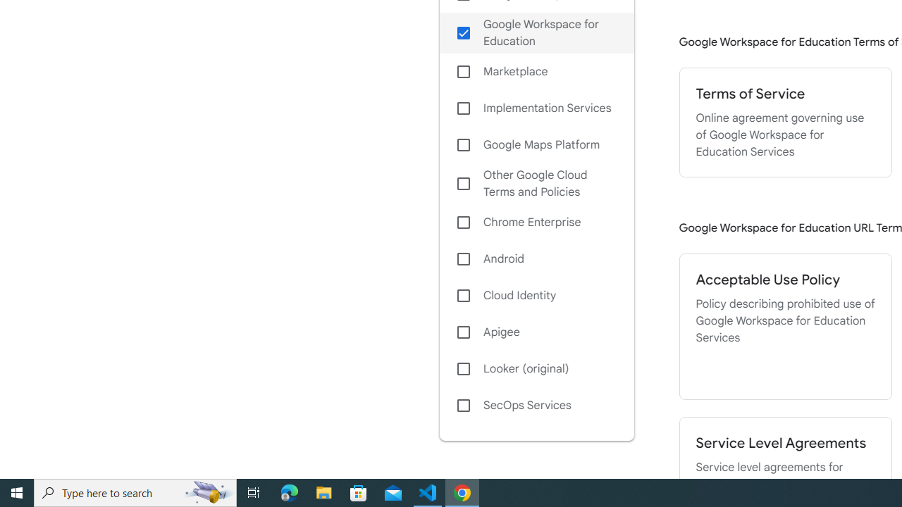 The height and width of the screenshot is (507, 902). I want to click on 'Apigee', so click(536, 332).